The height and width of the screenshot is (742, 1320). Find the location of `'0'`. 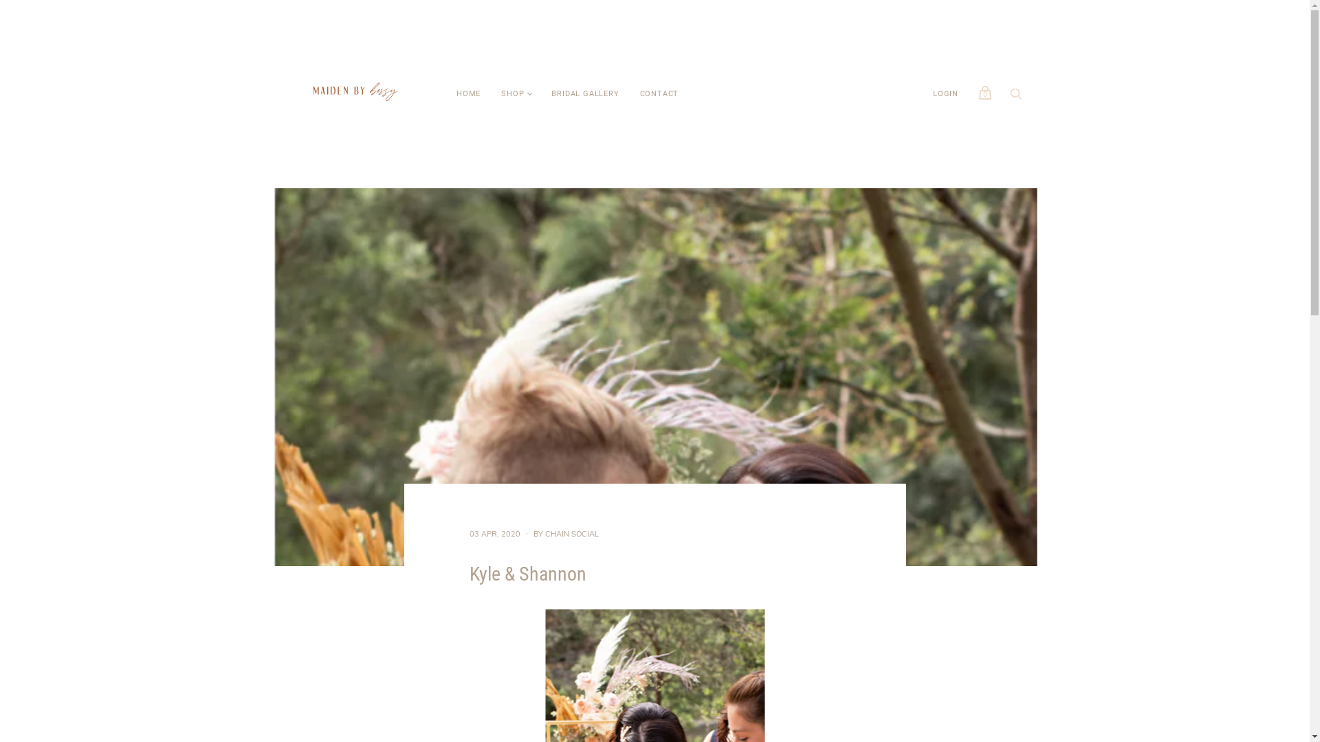

'0' is located at coordinates (971, 93).